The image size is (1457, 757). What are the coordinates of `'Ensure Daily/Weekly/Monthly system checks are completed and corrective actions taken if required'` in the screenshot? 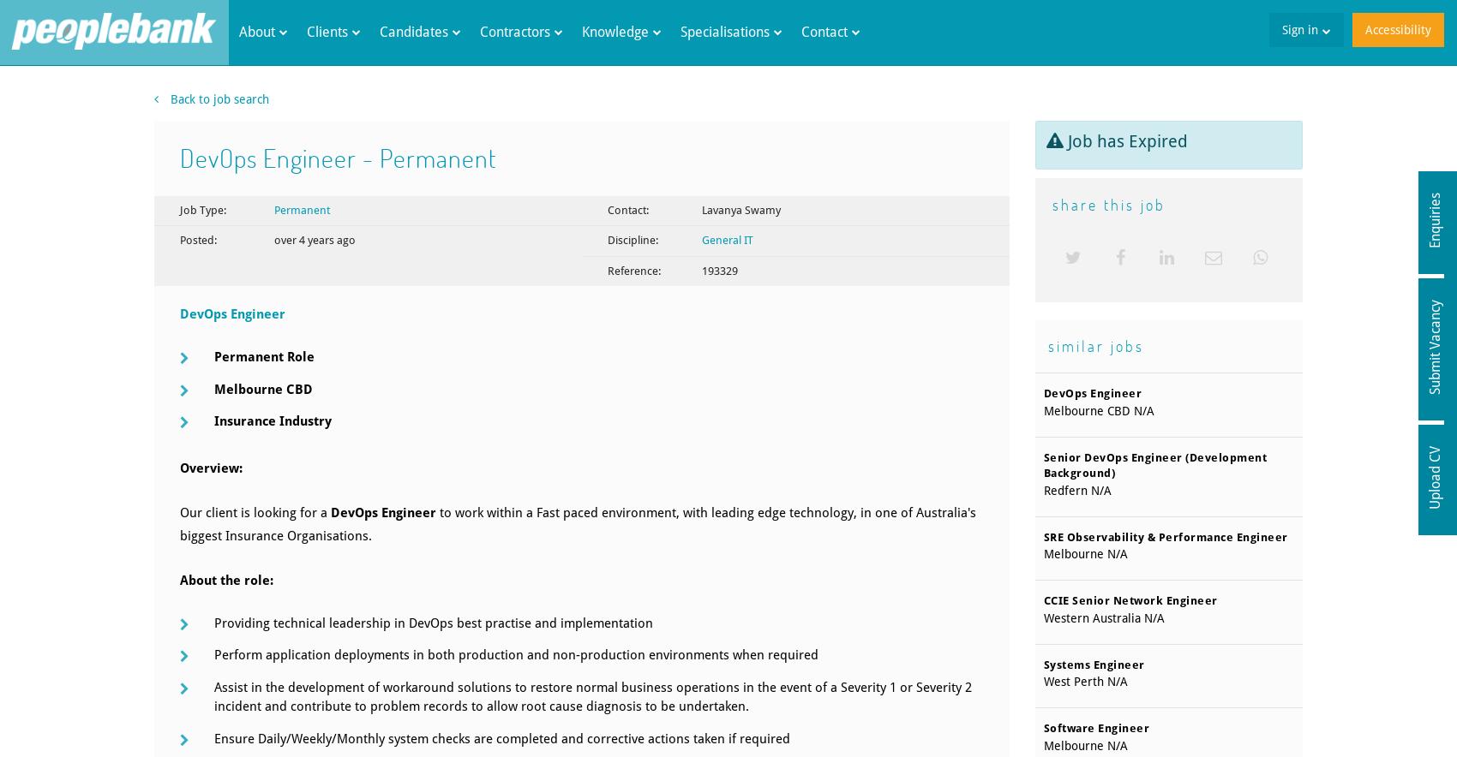 It's located at (501, 736).